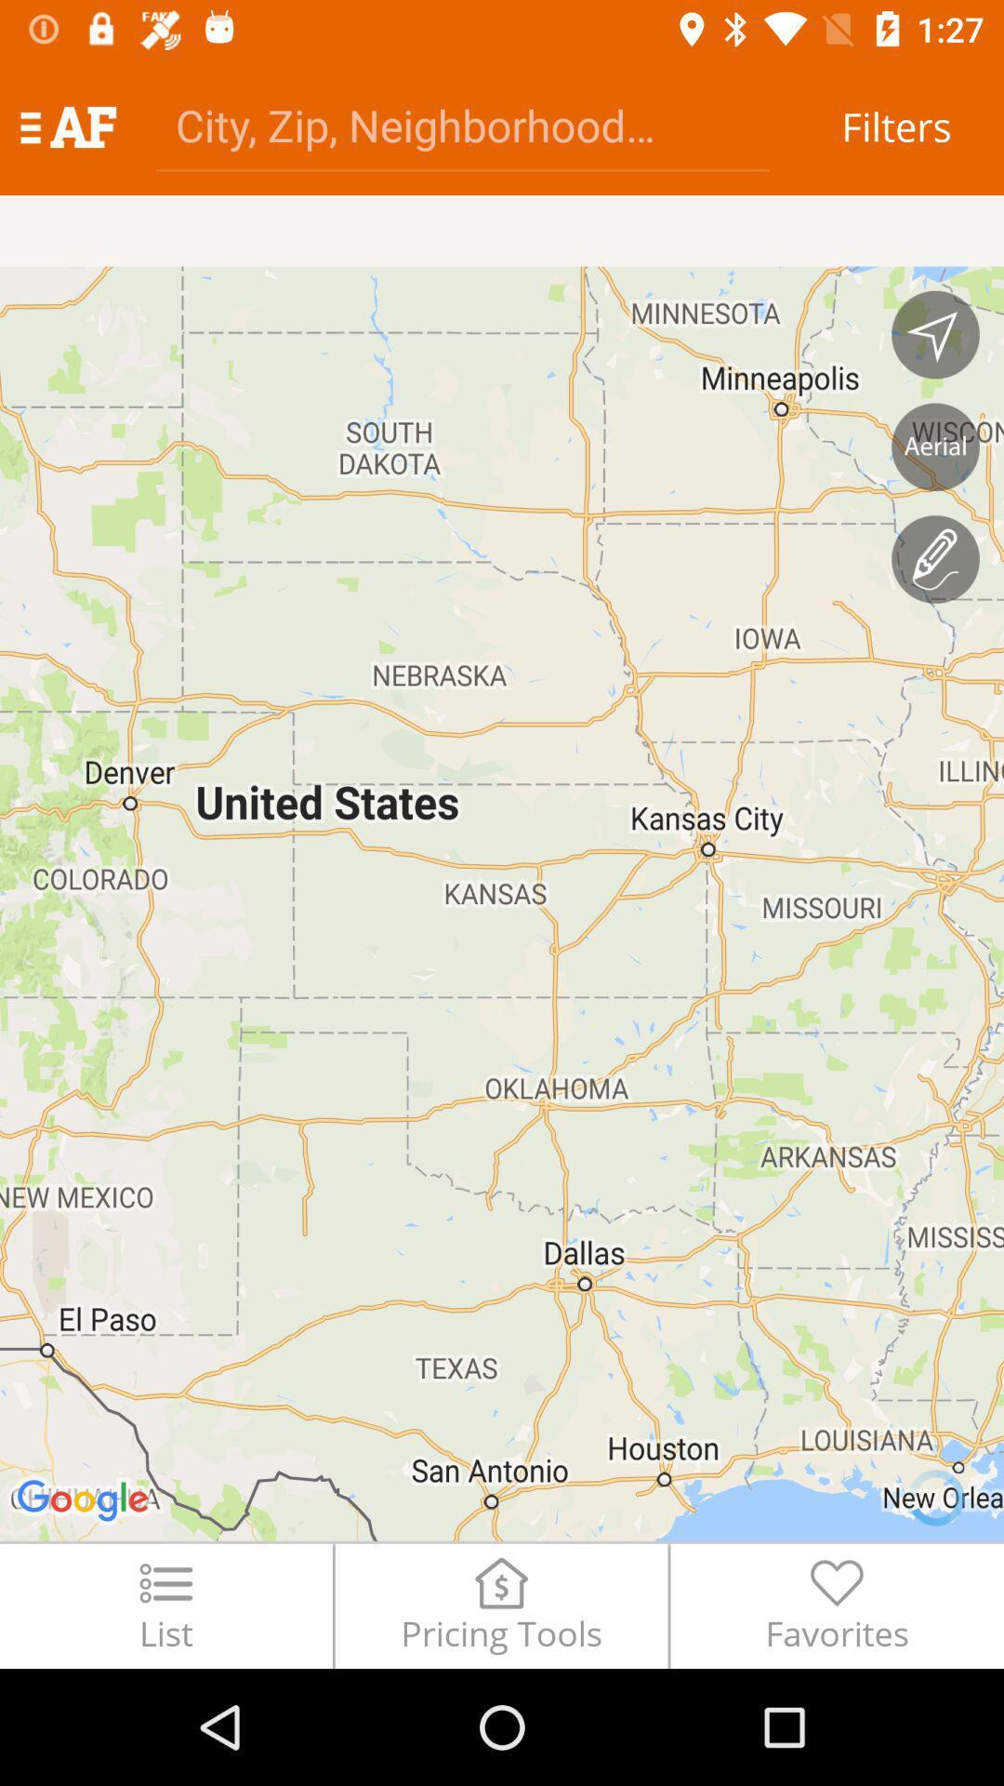 Image resolution: width=1004 pixels, height=1786 pixels. What do you see at coordinates (461, 124) in the screenshot?
I see `the item next to the filters item` at bounding box center [461, 124].